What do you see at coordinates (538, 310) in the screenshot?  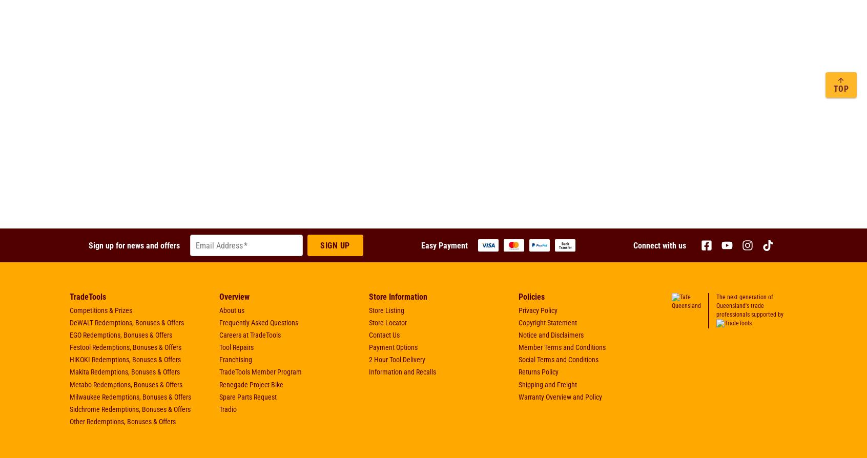 I see `'Privacy Policy'` at bounding box center [538, 310].